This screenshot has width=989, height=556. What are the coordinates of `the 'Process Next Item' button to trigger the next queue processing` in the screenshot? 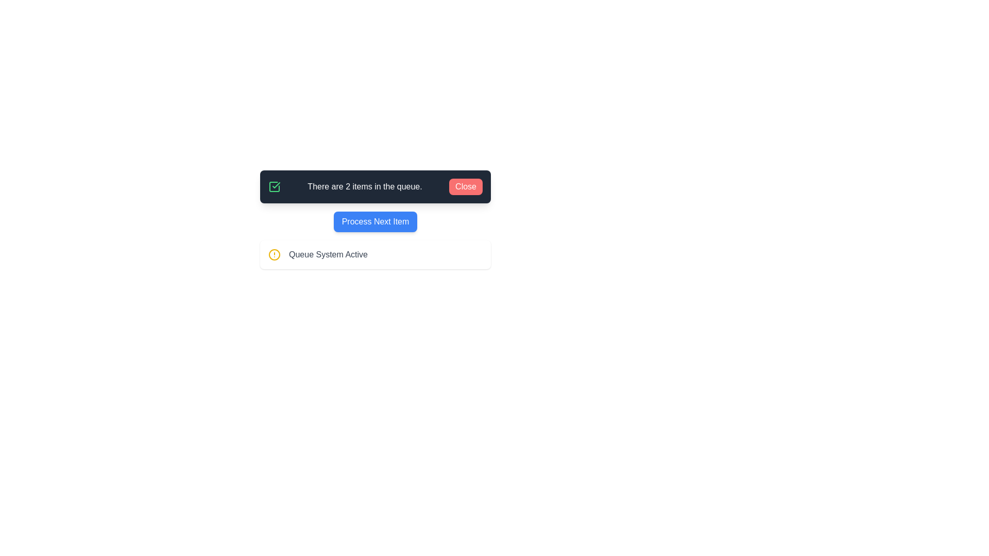 It's located at (375, 221).